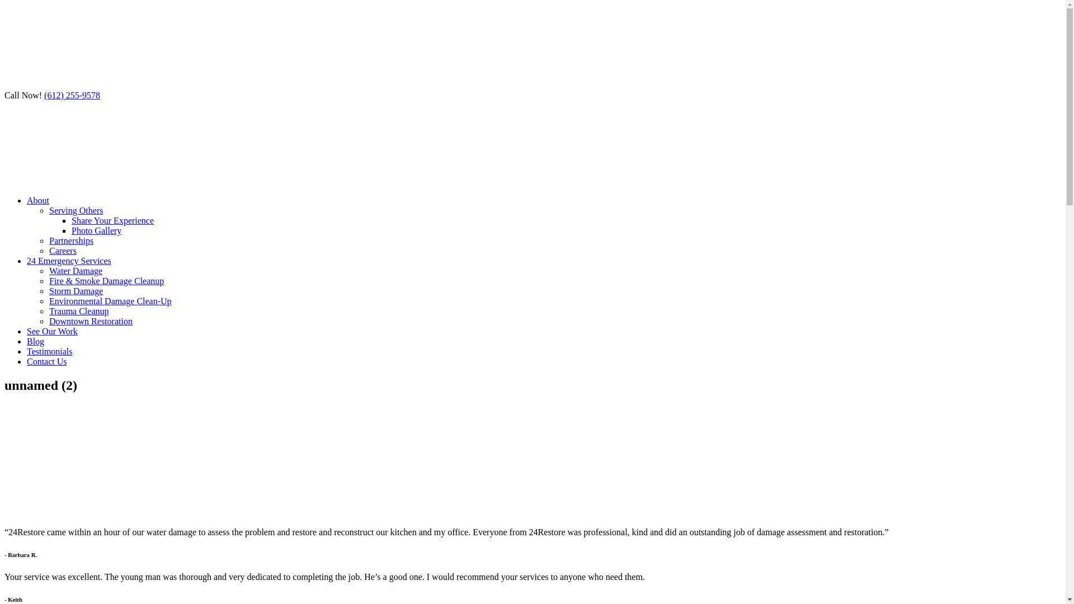 The height and width of the screenshot is (604, 1074). Describe the element at coordinates (46, 361) in the screenshot. I see `'Contact Us'` at that location.